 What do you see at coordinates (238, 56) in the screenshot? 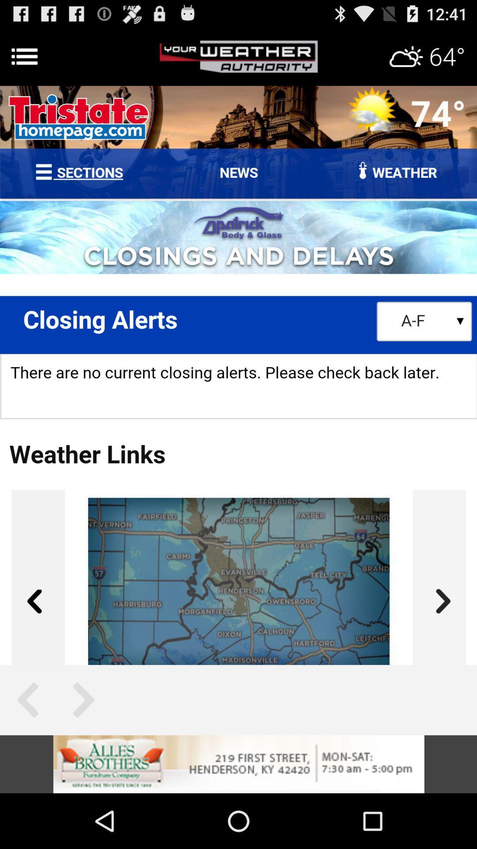
I see `advertisement page` at bounding box center [238, 56].